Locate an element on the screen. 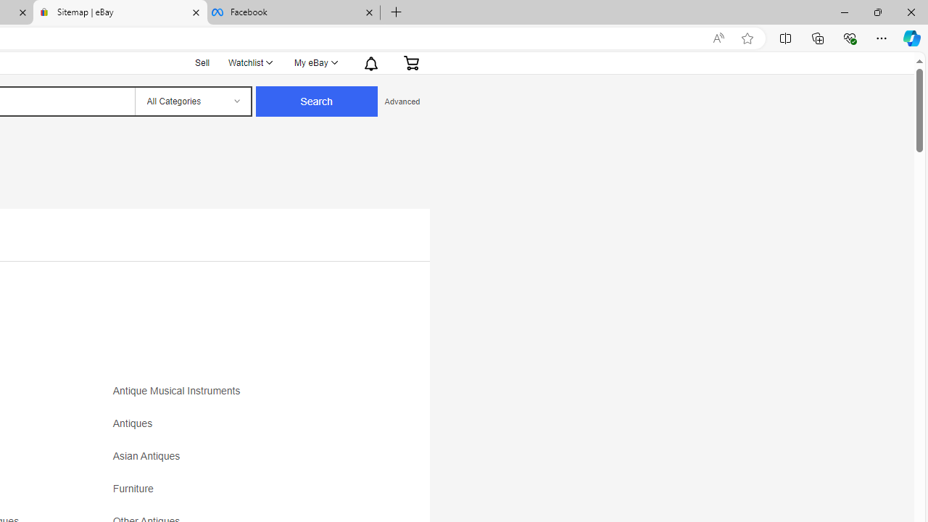 This screenshot has height=522, width=928. 'Split screen' is located at coordinates (784, 37).